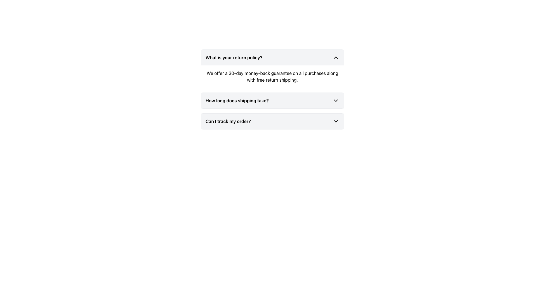 The height and width of the screenshot is (302, 537). What do you see at coordinates (234, 57) in the screenshot?
I see `the text label displaying 'What is your return policy?' which is located at the top-left of its grey button-like area in the collapsible section` at bounding box center [234, 57].